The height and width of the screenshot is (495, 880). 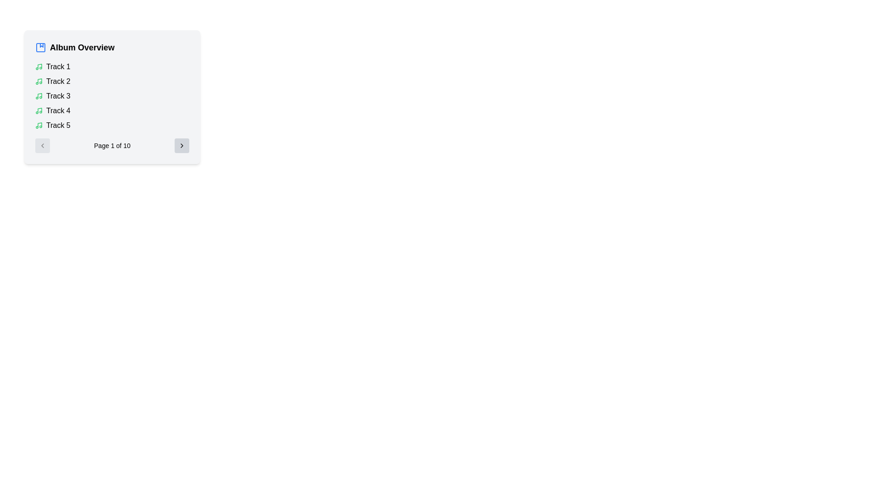 What do you see at coordinates (58, 125) in the screenshot?
I see `the text label that identifies the track in the list, located at the fifth position below 'Track 4'` at bounding box center [58, 125].